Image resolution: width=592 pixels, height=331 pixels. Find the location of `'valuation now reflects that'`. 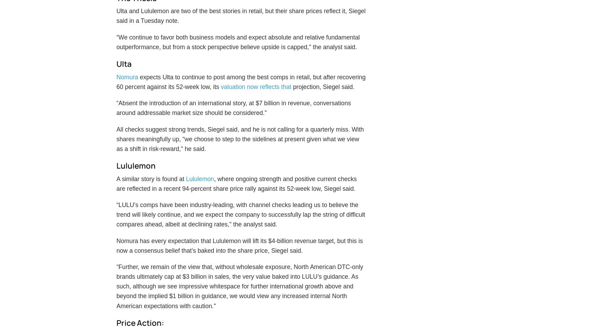

'valuation now reflects that' is located at coordinates (256, 102).